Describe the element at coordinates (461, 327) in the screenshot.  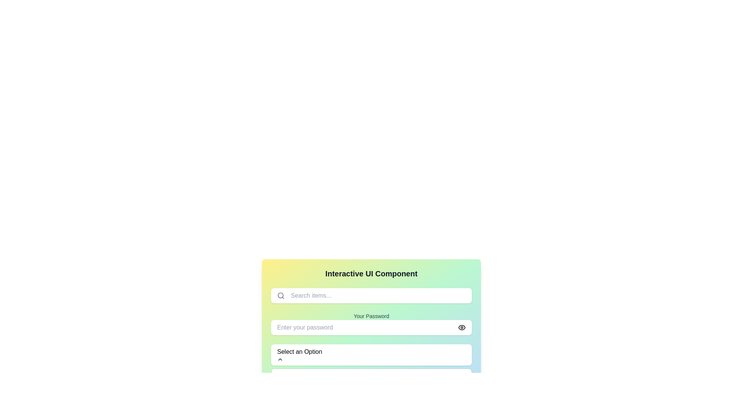
I see `the oval shape element of the eye icon that indicates visibility, located to the right of the 'Your Password' input field` at that location.